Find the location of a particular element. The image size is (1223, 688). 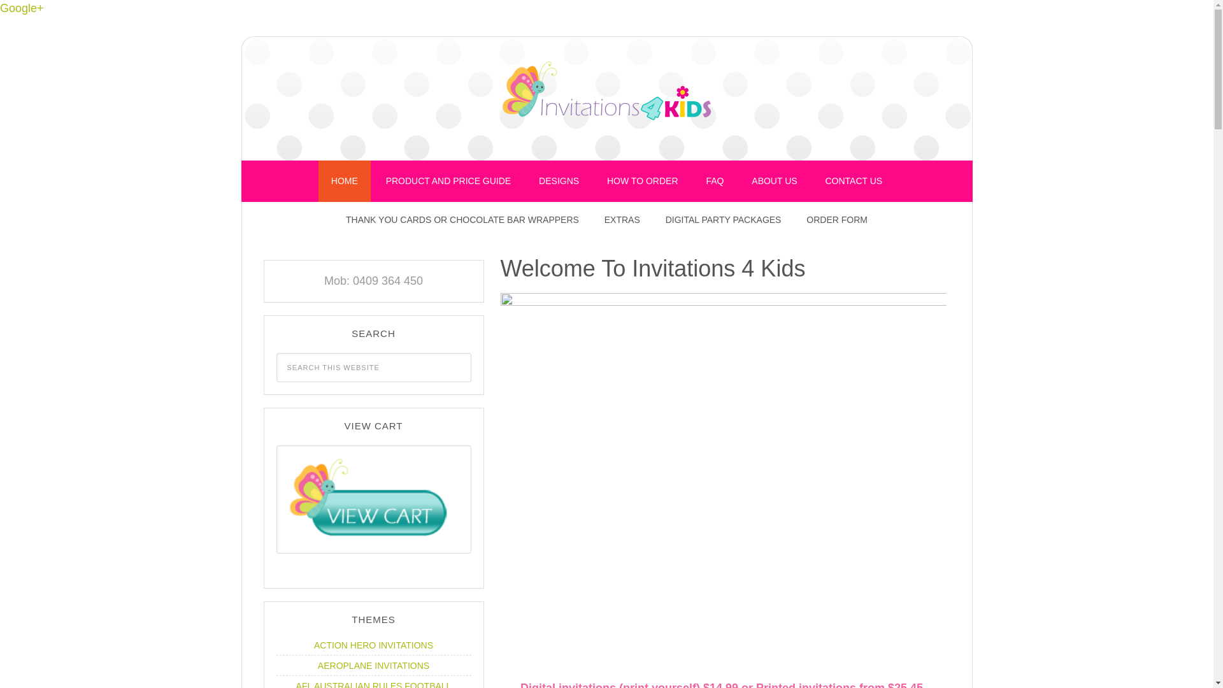

'CONTACT US' is located at coordinates (812, 181).